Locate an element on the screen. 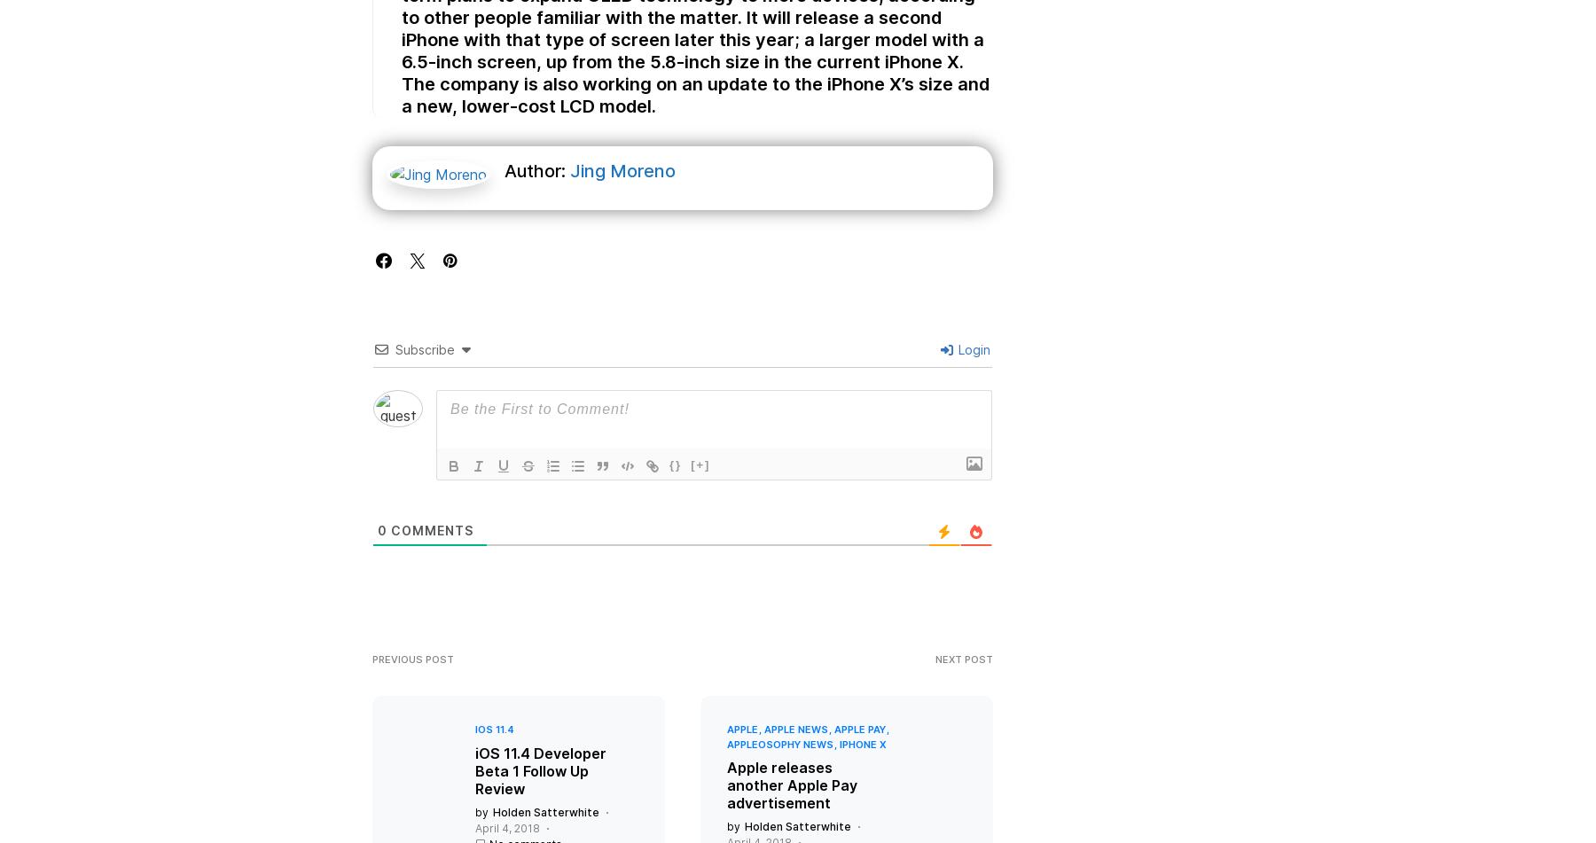 The height and width of the screenshot is (843, 1596). 'Jing Moreno' is located at coordinates (572, 170).